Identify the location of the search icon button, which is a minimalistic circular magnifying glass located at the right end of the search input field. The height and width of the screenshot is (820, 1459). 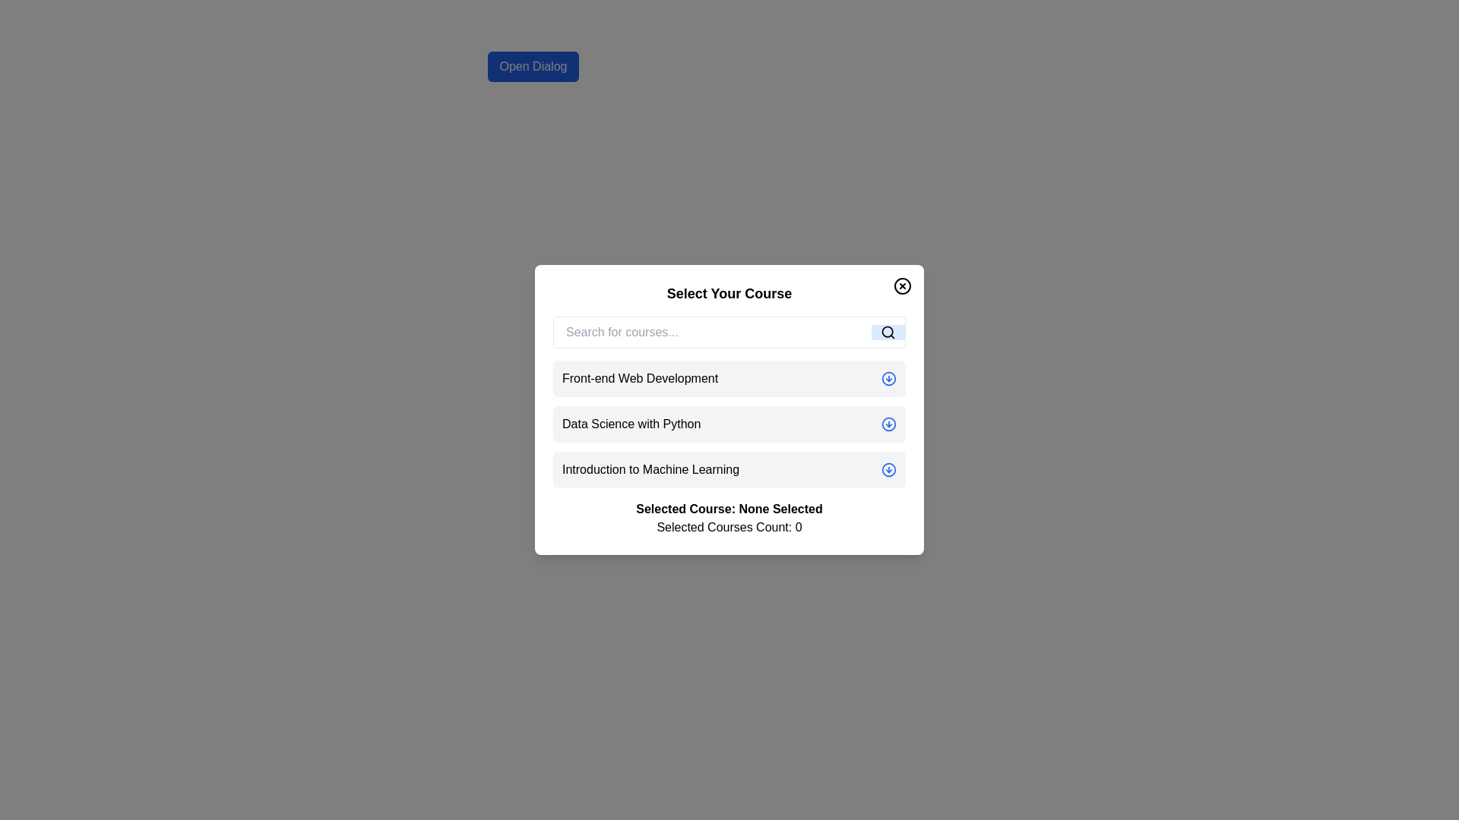
(888, 332).